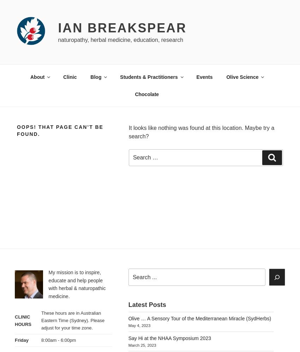 This screenshot has height=352, width=300. Describe the element at coordinates (149, 76) in the screenshot. I see `'Students & Practitioners'` at that location.